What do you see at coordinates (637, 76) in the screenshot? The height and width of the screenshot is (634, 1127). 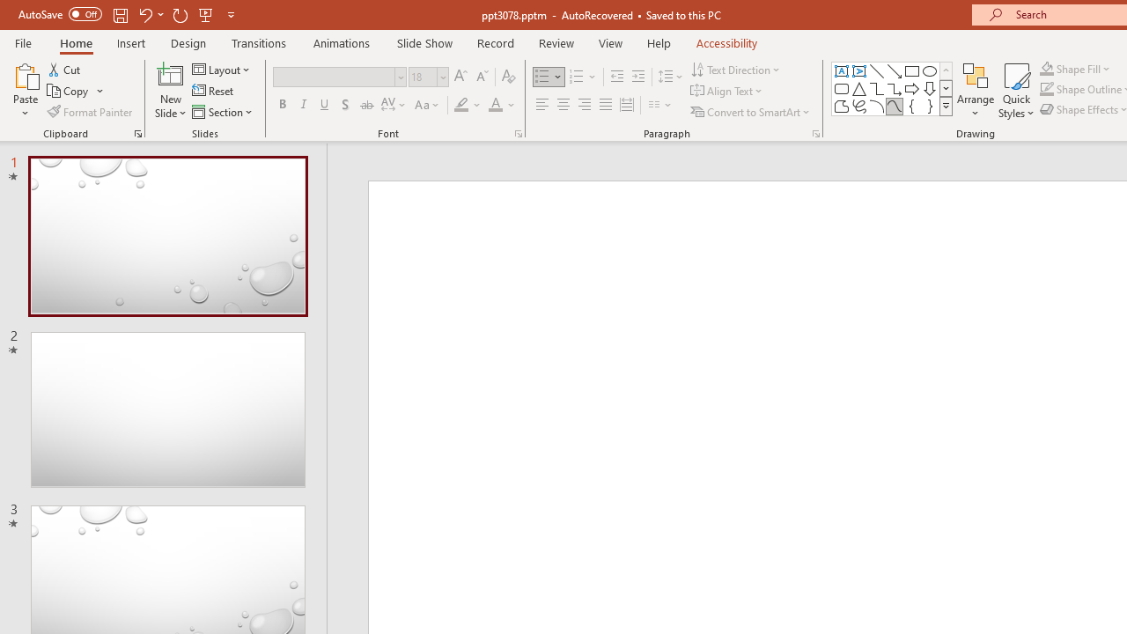 I see `'Increase Indent'` at bounding box center [637, 76].